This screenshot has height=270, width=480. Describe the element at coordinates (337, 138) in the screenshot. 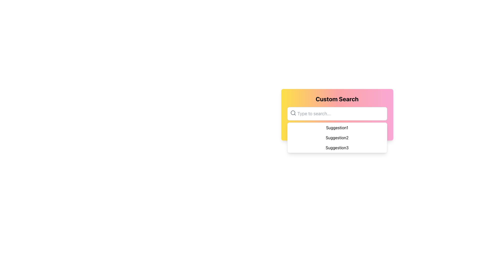

I see `the second suggestion option in the dropdown list, which is located below the search input field and styled with a white background and bordered box shadow` at that location.